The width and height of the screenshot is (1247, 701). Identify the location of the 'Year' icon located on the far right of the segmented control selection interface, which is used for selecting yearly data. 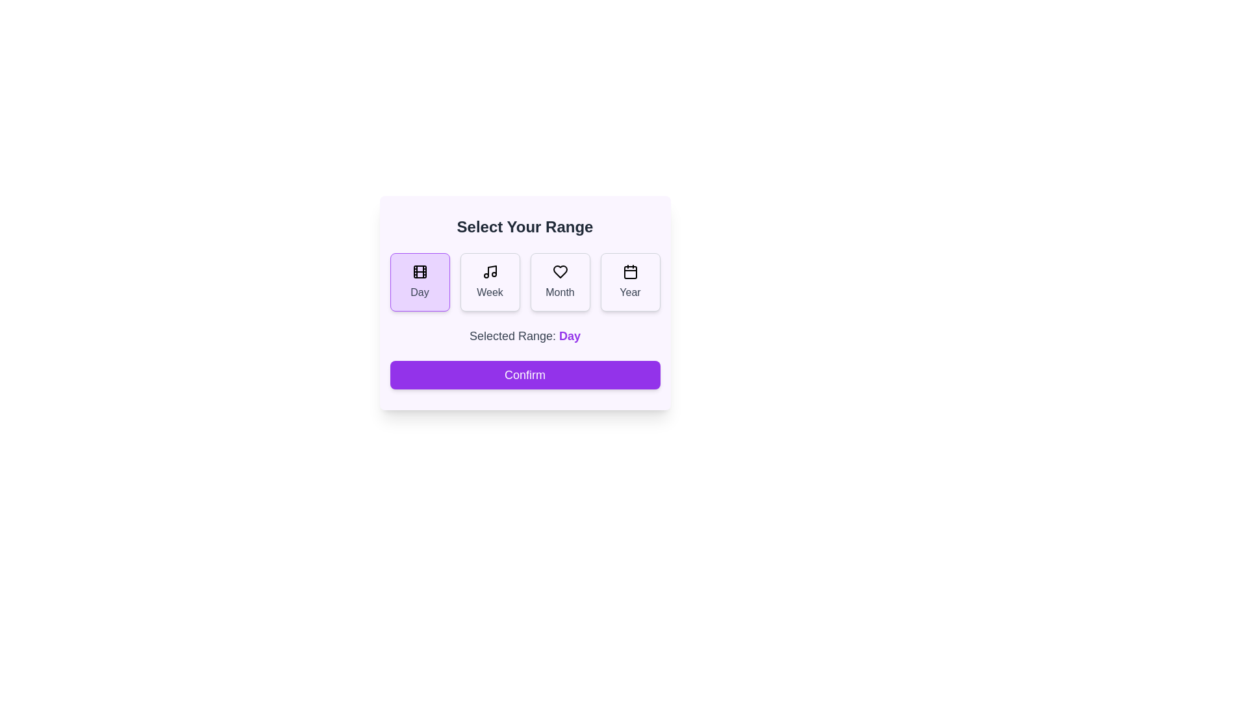
(630, 271).